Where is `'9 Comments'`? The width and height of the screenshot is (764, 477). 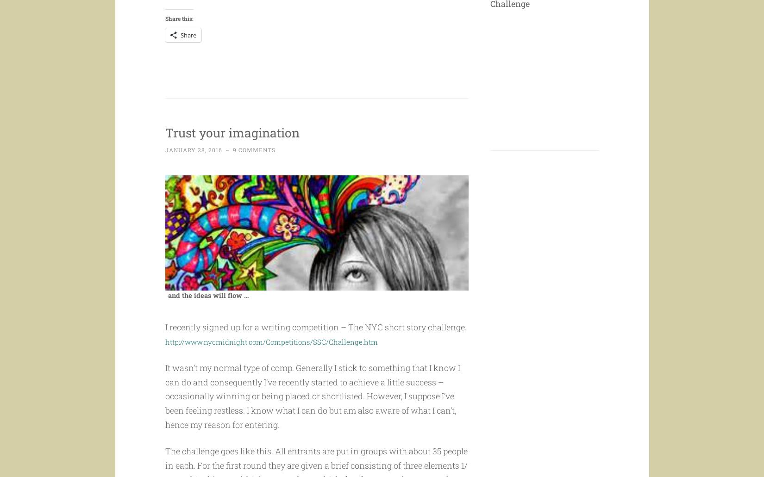 '9 Comments' is located at coordinates (253, 167).